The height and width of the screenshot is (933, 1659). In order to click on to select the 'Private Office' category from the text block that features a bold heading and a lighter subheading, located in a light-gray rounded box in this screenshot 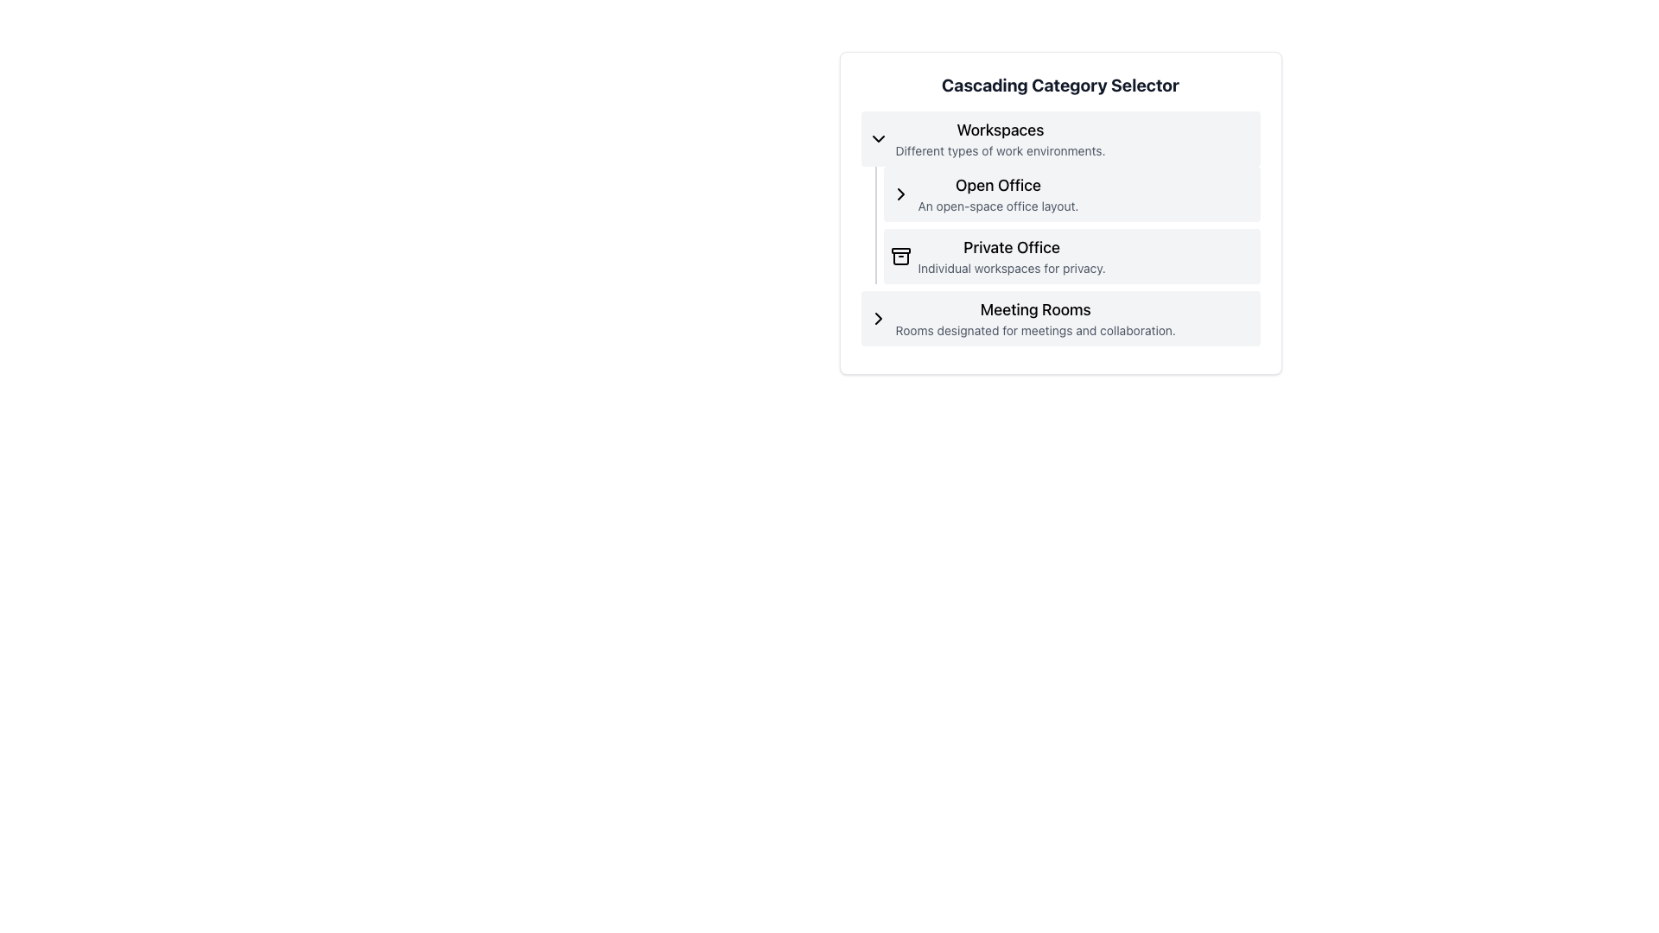, I will do `click(1012, 257)`.